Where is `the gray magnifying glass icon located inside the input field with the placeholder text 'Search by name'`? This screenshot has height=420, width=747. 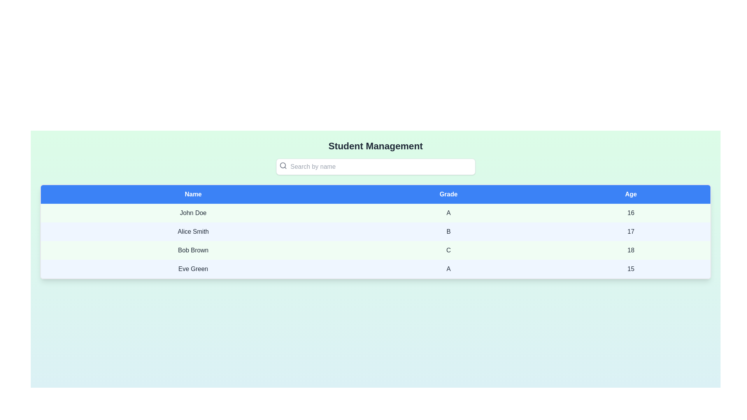
the gray magnifying glass icon located inside the input field with the placeholder text 'Search by name' is located at coordinates (282, 165).